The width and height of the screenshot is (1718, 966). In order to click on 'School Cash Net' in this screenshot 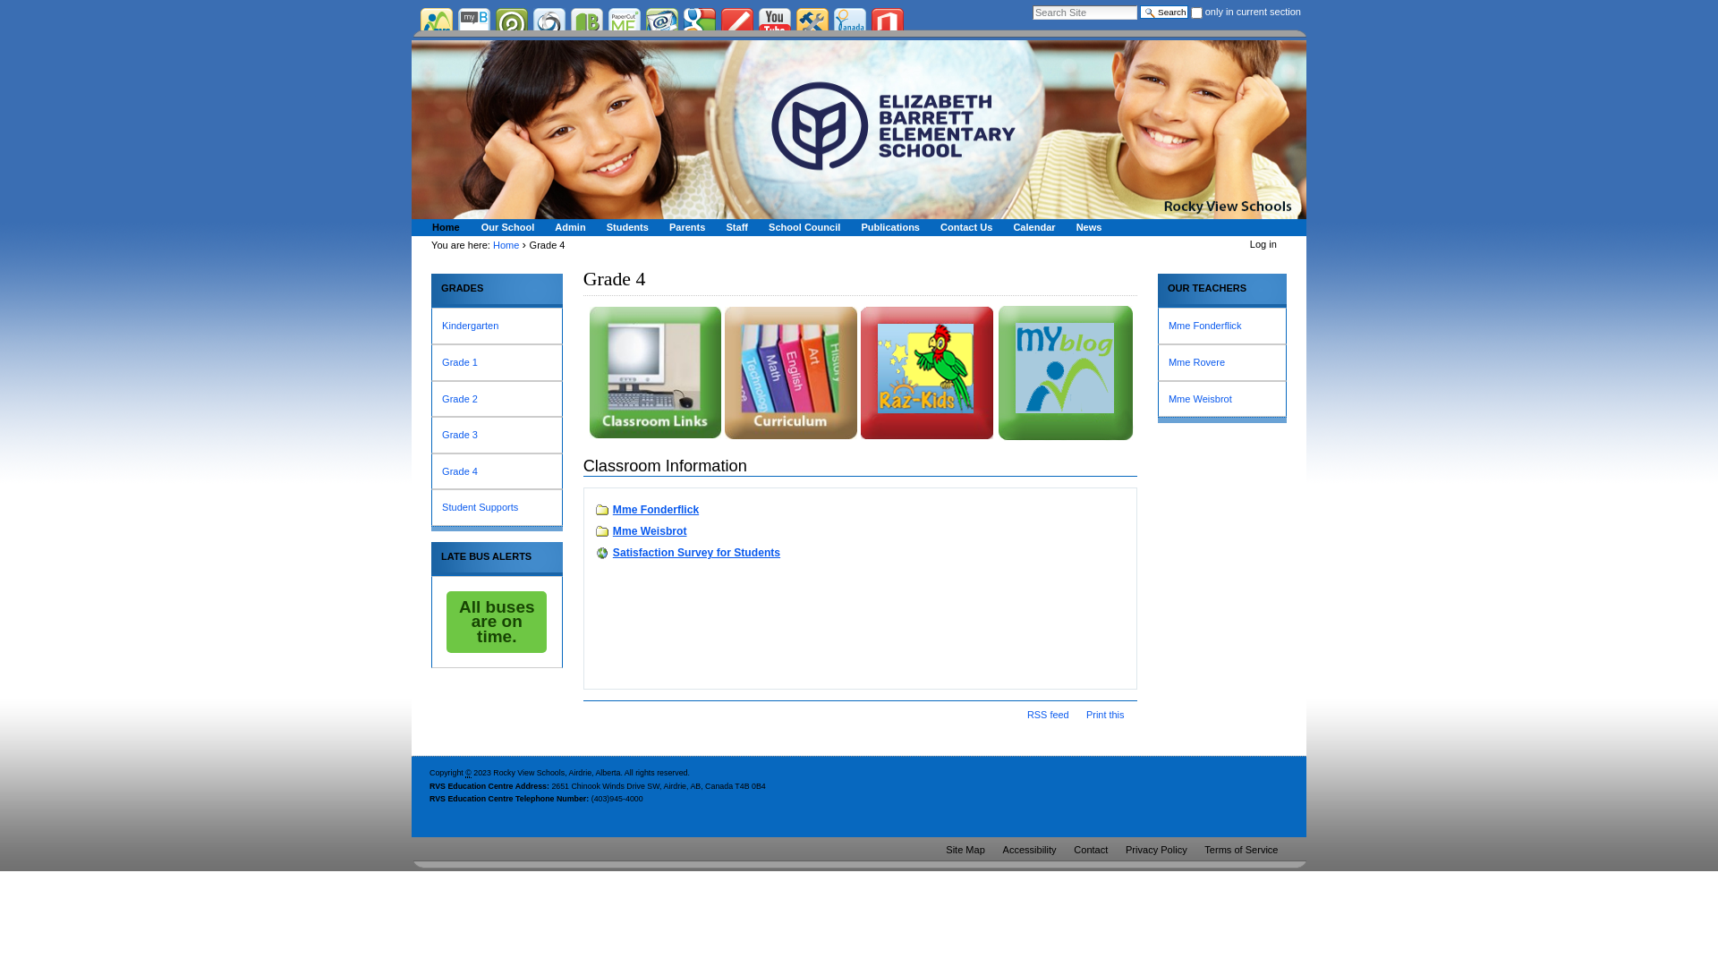, I will do `click(549, 23)`.